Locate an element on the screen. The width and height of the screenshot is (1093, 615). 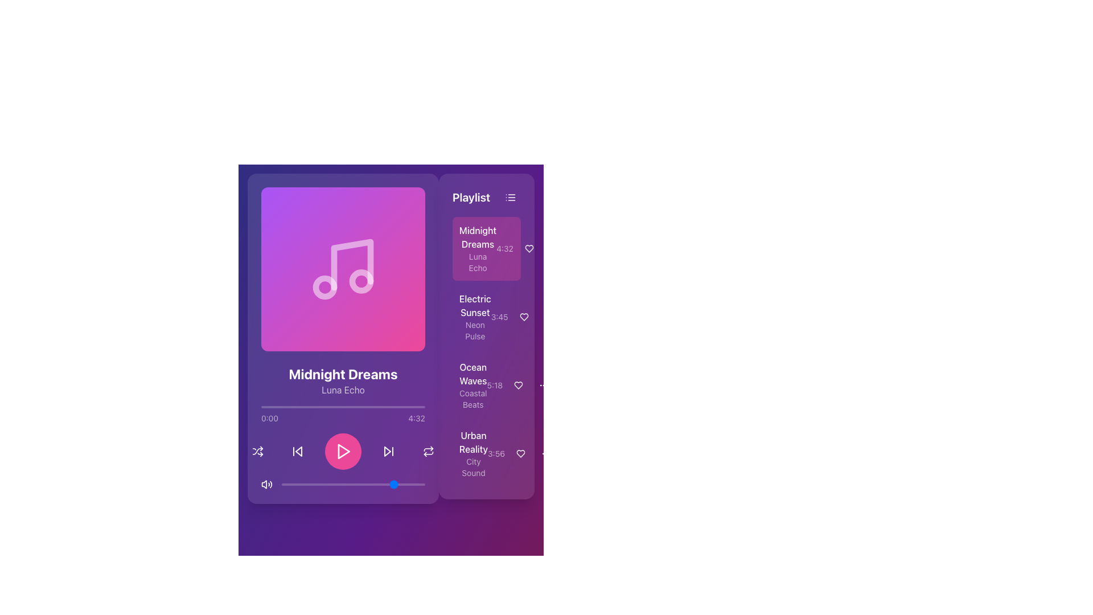
the heart-shaped button located to the right of the 'Urban Reality' entry in the playlist to mark it as a favorite is located at coordinates (520, 453).